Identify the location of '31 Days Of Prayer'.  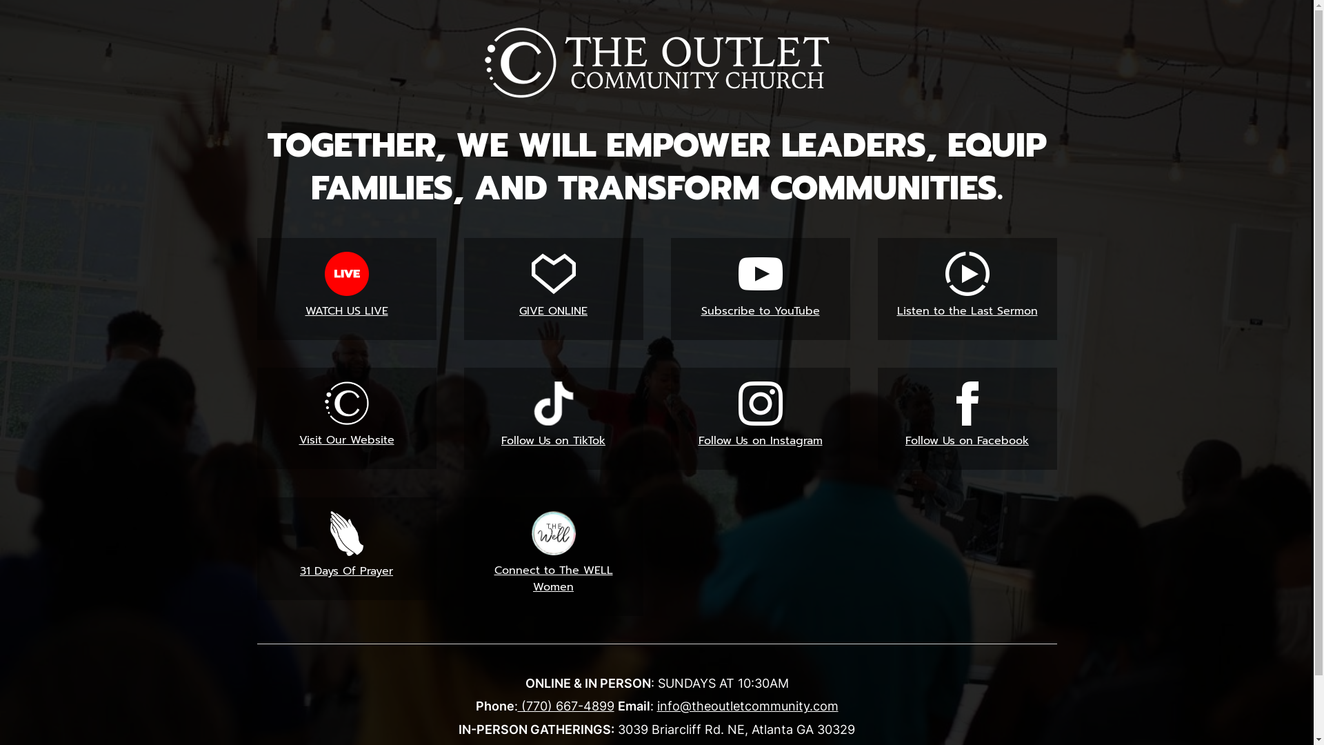
(346, 548).